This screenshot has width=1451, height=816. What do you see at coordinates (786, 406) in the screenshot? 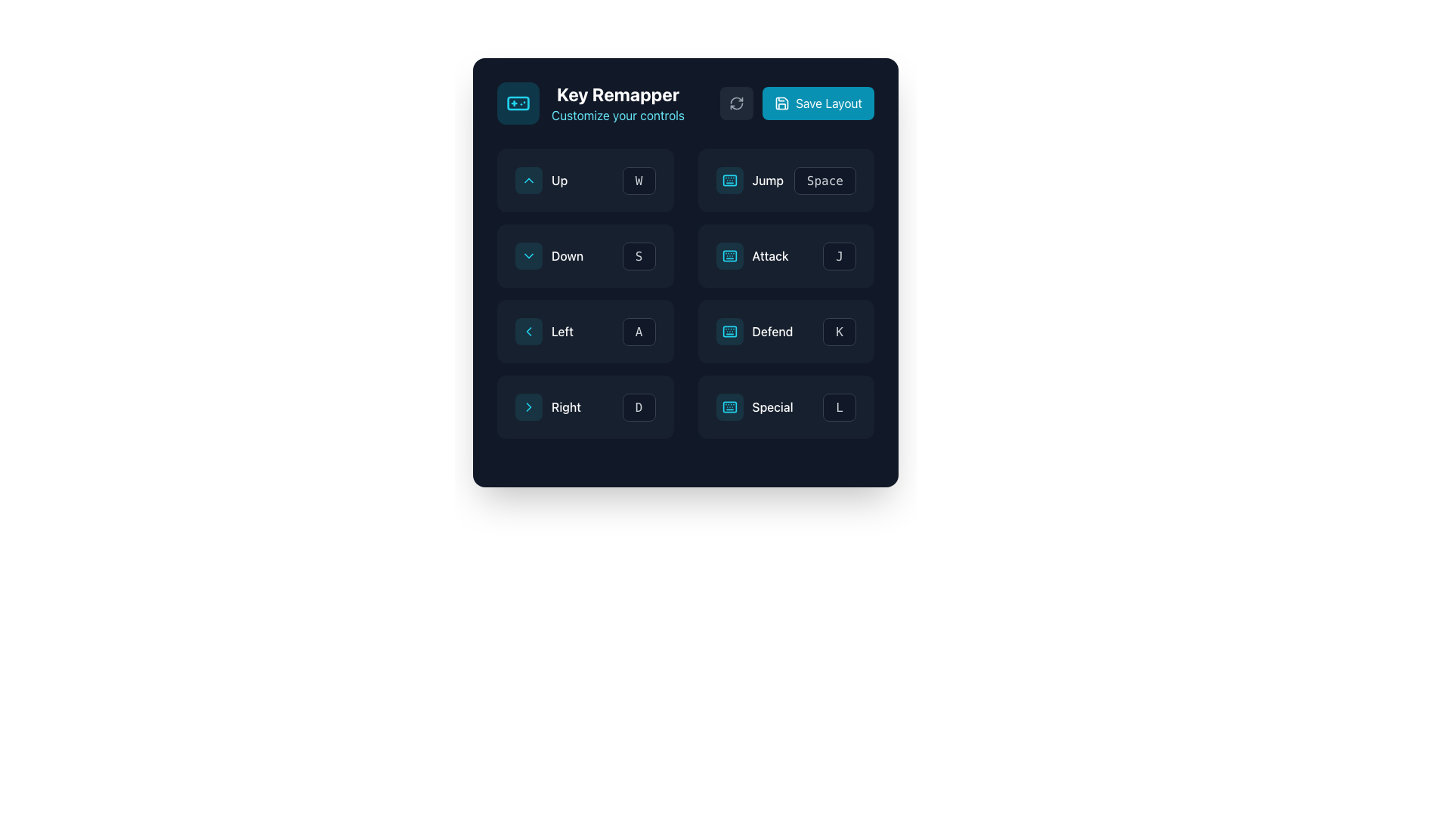
I see `the Interactive Button labeled 'Special' which has a dark gray background and a keyboard icon on the left` at bounding box center [786, 406].